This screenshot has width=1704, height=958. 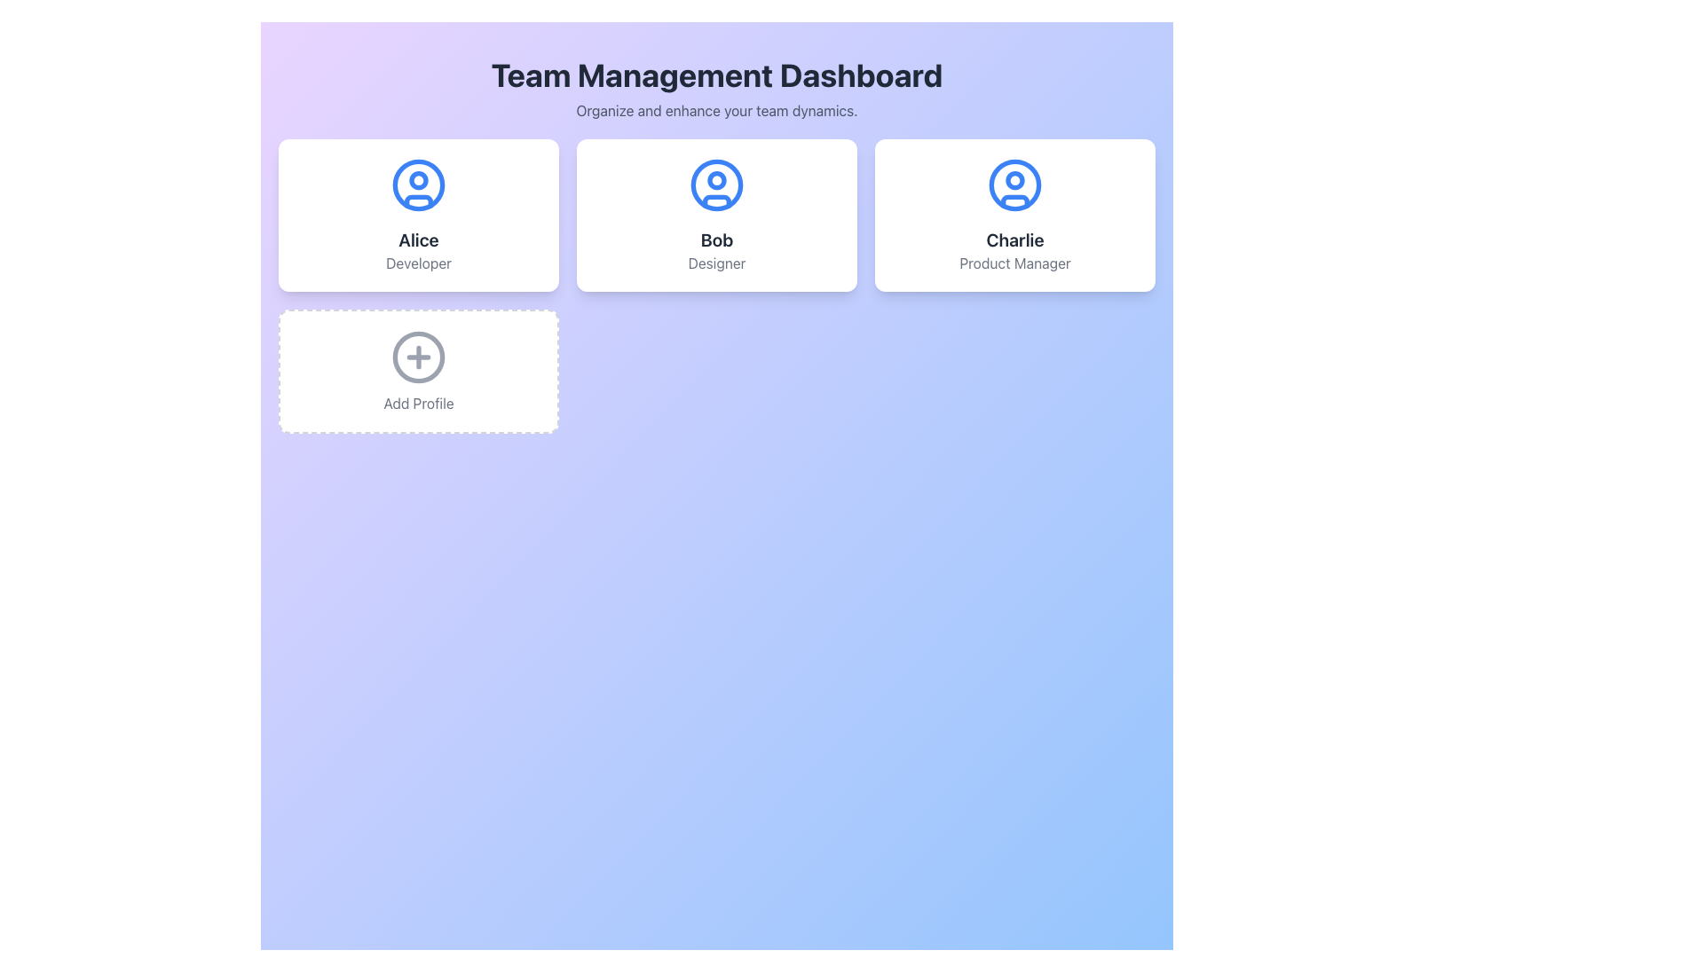 What do you see at coordinates (1014, 263) in the screenshot?
I see `the text label indicating the role of 'Charlie' located below his name in the rightmost profile card of the grid` at bounding box center [1014, 263].